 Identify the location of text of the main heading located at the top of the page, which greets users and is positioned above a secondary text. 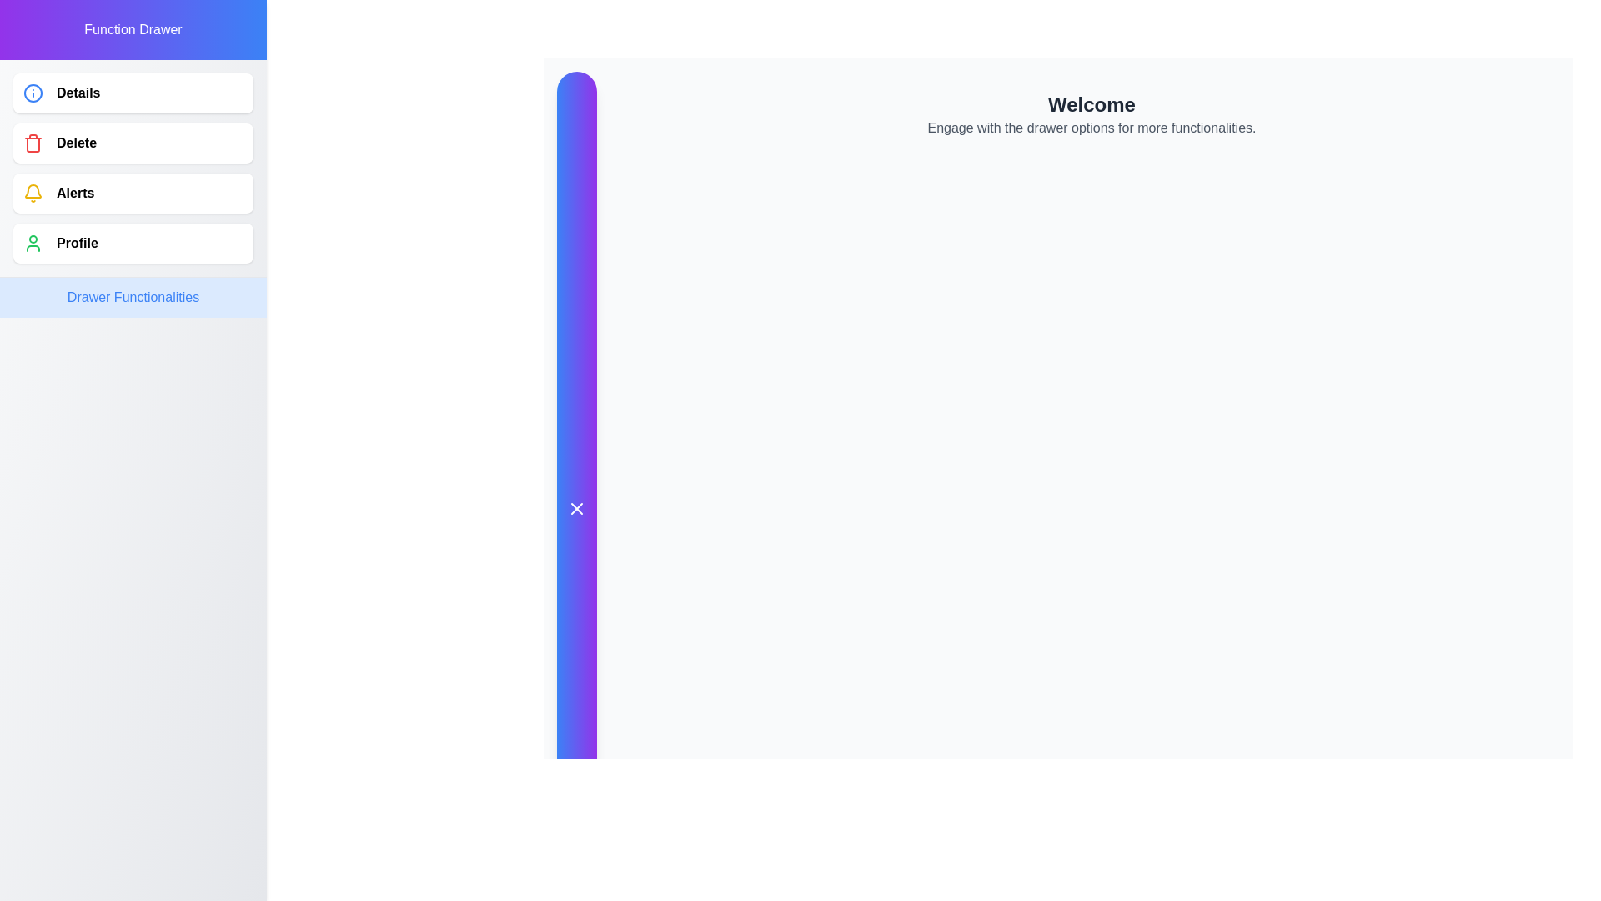
(1092, 105).